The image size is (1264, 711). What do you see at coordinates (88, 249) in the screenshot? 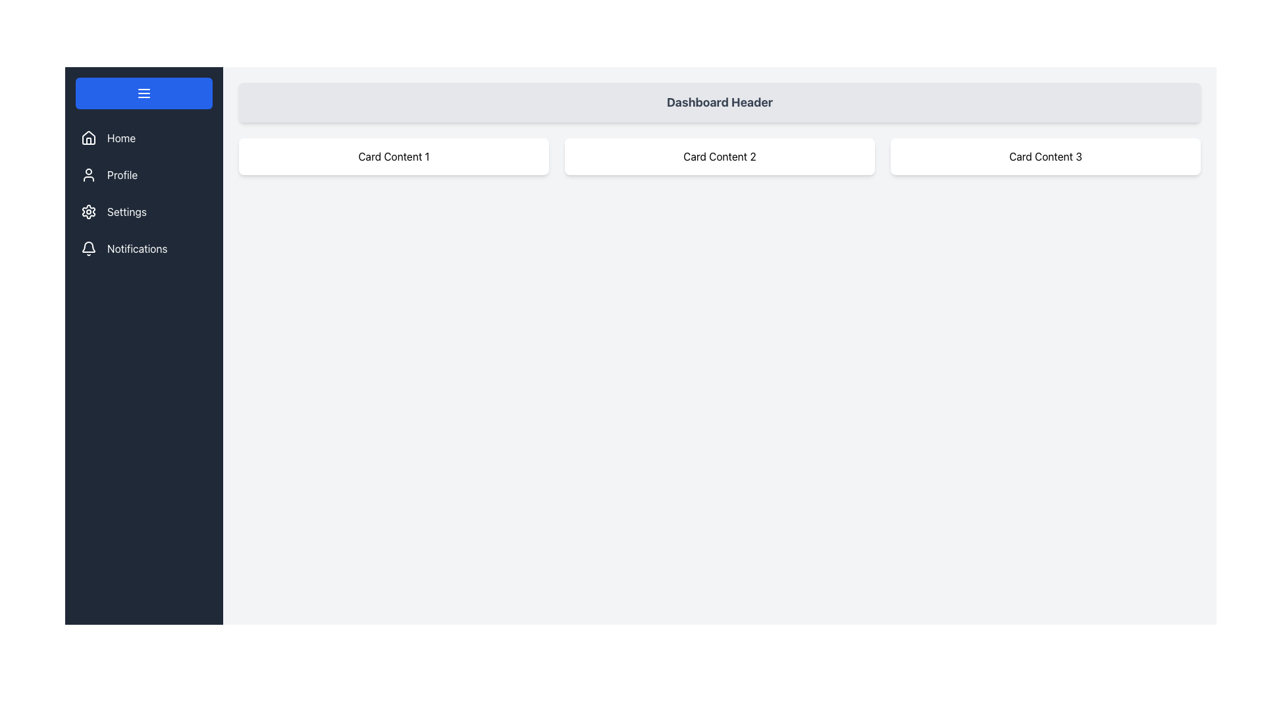
I see `the Notifications icon located in the sidebar menu` at bounding box center [88, 249].